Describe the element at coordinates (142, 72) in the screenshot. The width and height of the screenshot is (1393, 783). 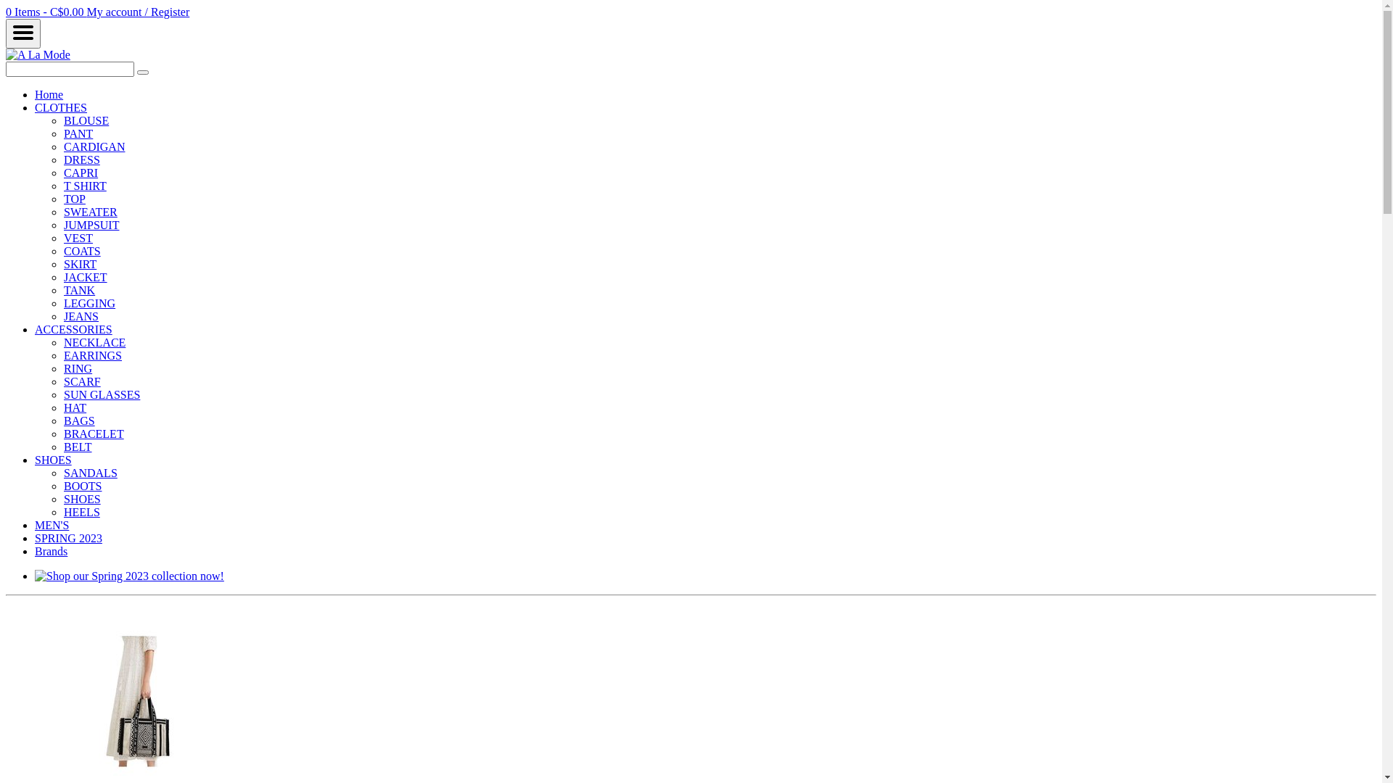
I see `'Search'` at that location.